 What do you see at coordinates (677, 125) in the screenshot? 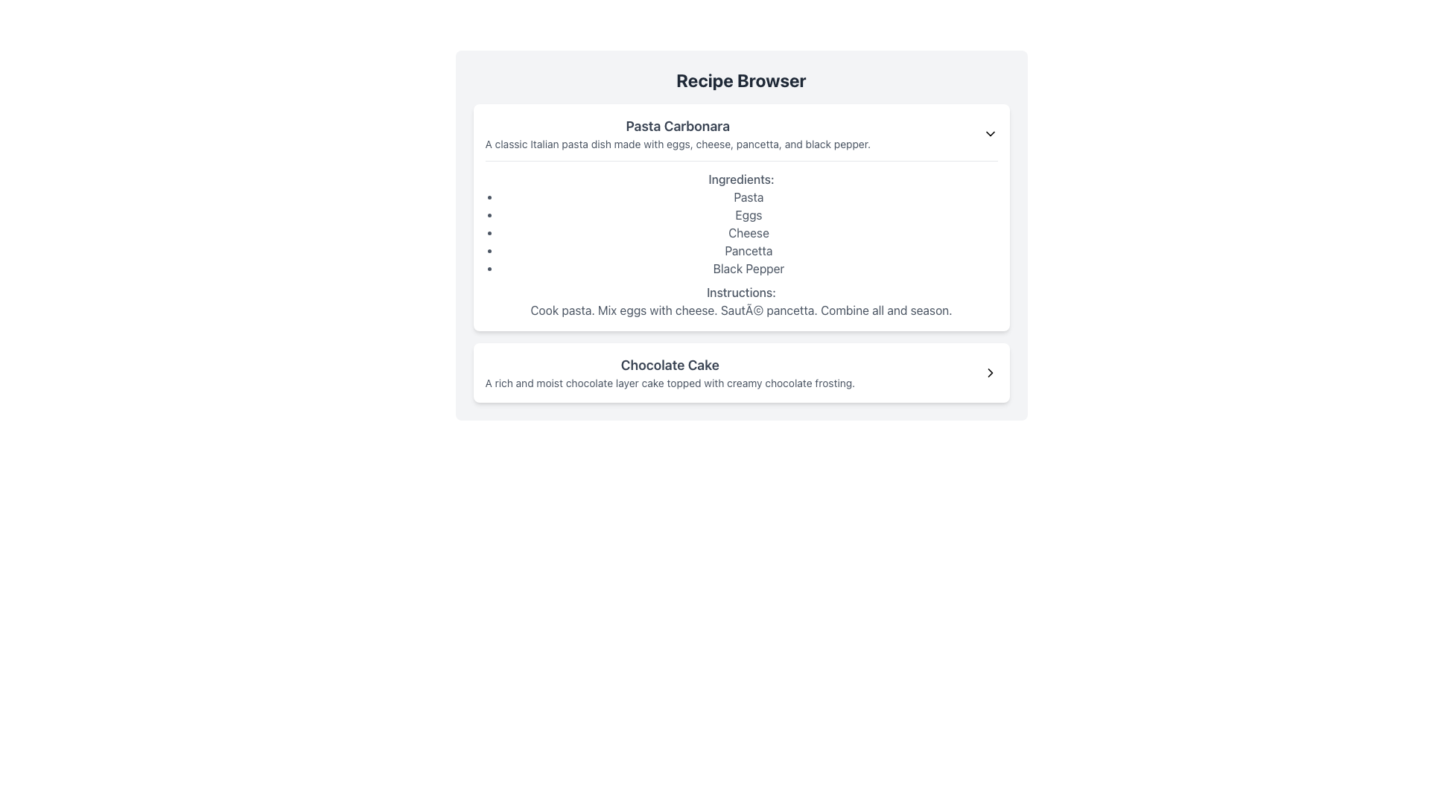
I see `text 'Pasta Carbonara' which is prominently displayed in a large, bold font at the top-center of the 'Recipe Browser' card` at bounding box center [677, 125].